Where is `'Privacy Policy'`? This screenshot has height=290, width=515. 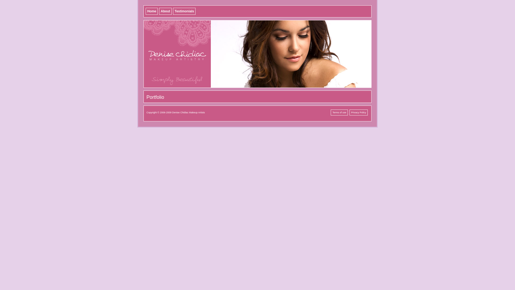 'Privacy Policy' is located at coordinates (359, 112).